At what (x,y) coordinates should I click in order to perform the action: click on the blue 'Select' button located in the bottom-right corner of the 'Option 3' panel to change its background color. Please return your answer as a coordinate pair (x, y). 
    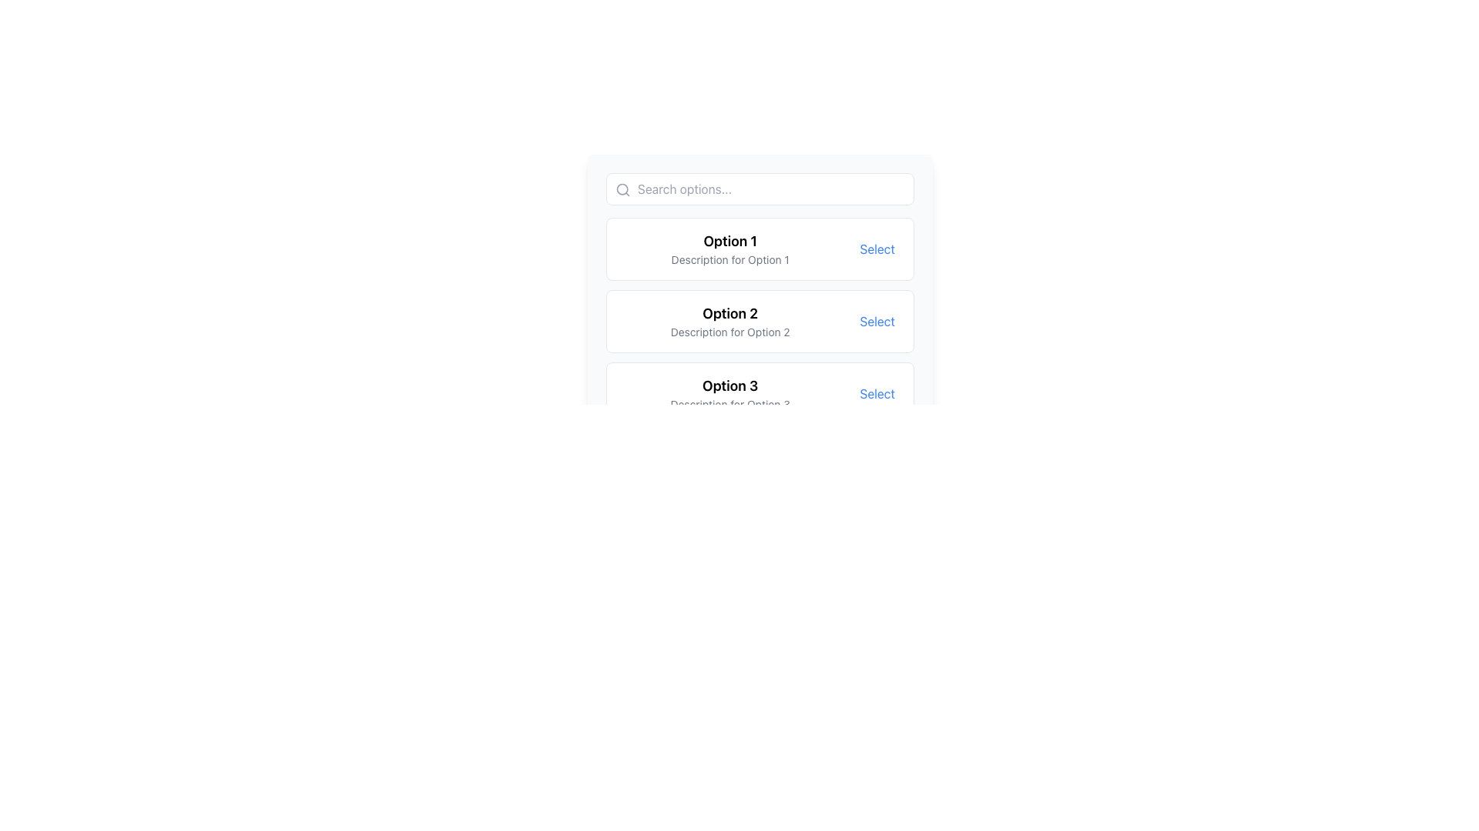
    Looking at the image, I should click on (877, 393).